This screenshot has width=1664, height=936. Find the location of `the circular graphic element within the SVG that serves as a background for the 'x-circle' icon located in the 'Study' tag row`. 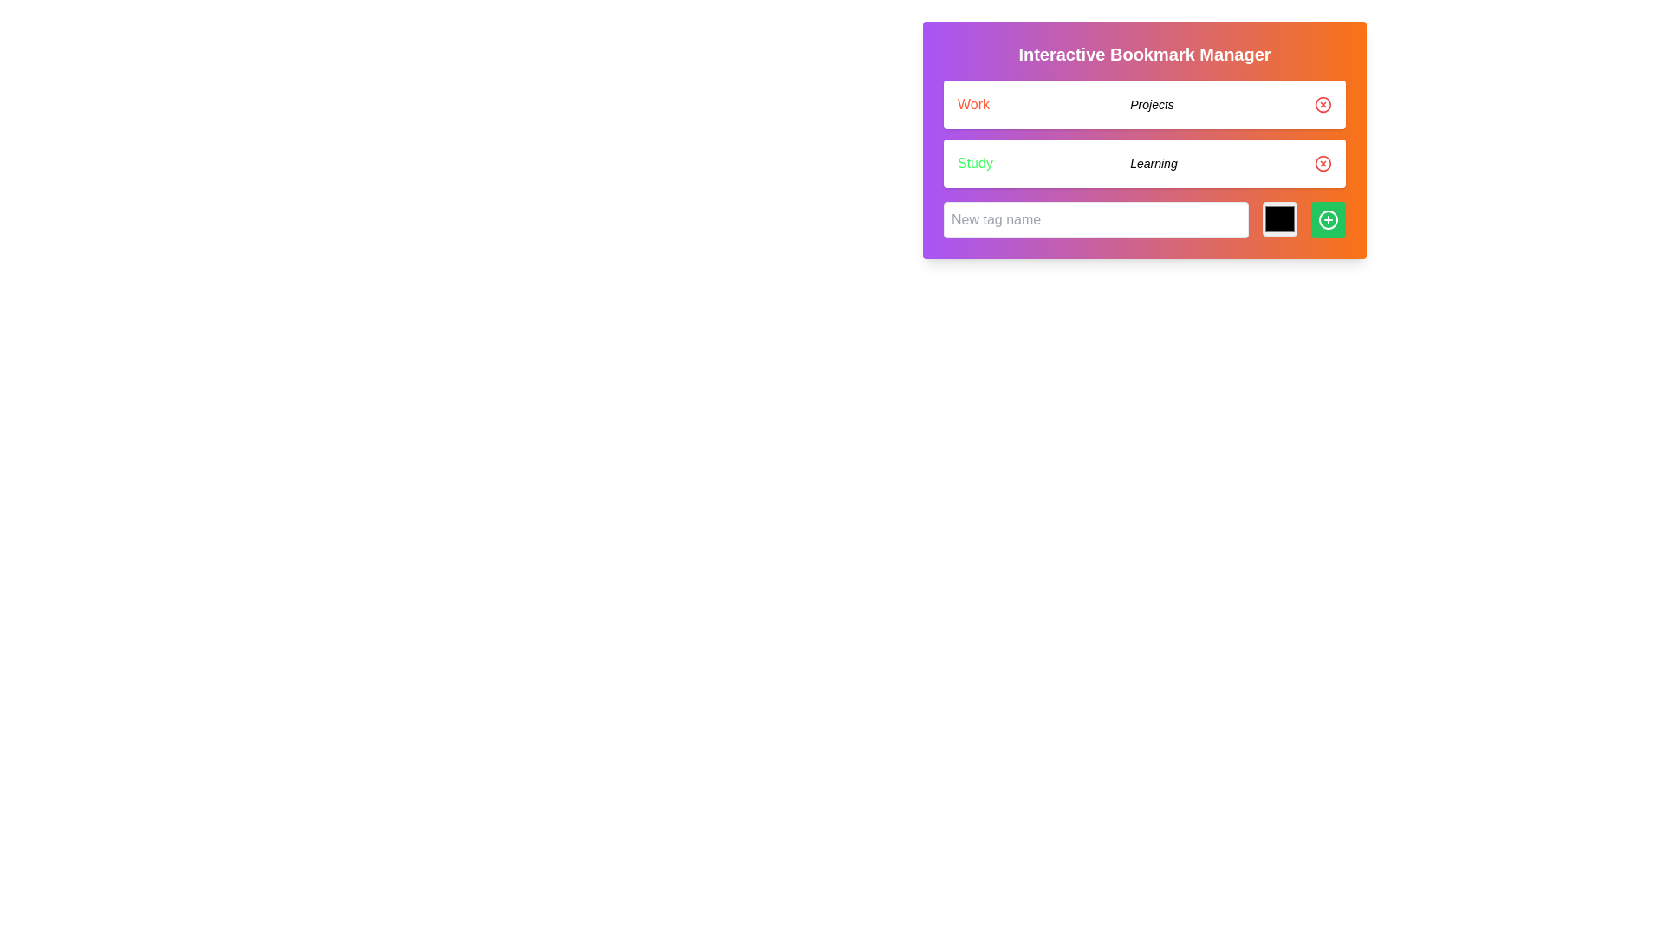

the circular graphic element within the SVG that serves as a background for the 'x-circle' icon located in the 'Study' tag row is located at coordinates (1322, 103).